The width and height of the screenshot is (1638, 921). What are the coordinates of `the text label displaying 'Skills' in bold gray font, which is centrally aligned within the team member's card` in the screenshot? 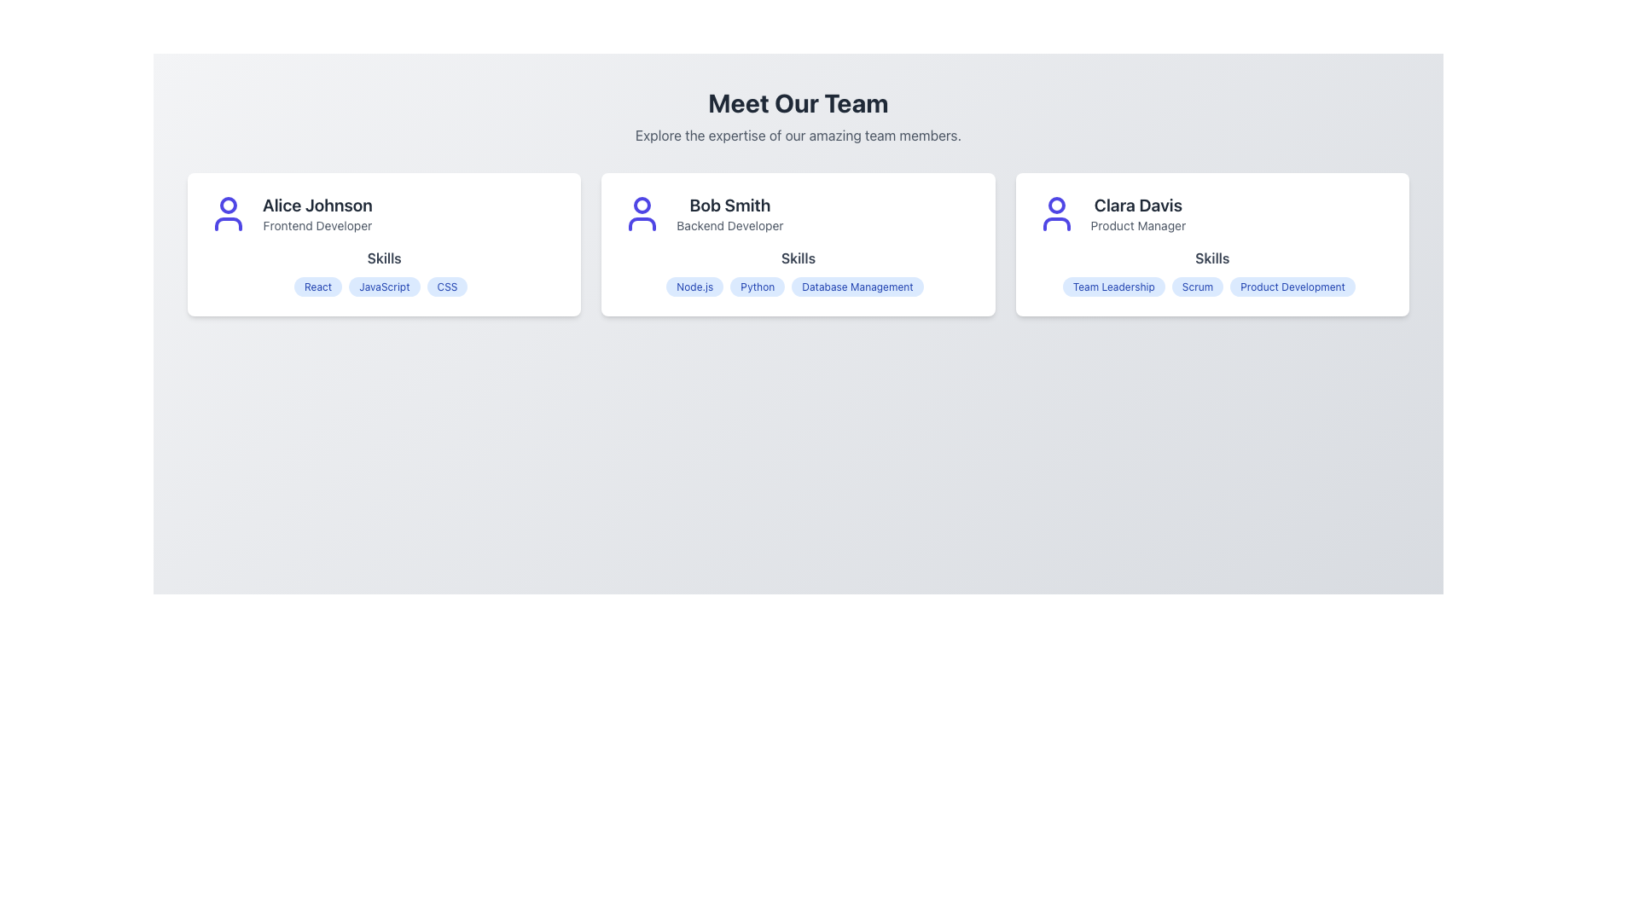 It's located at (383, 258).